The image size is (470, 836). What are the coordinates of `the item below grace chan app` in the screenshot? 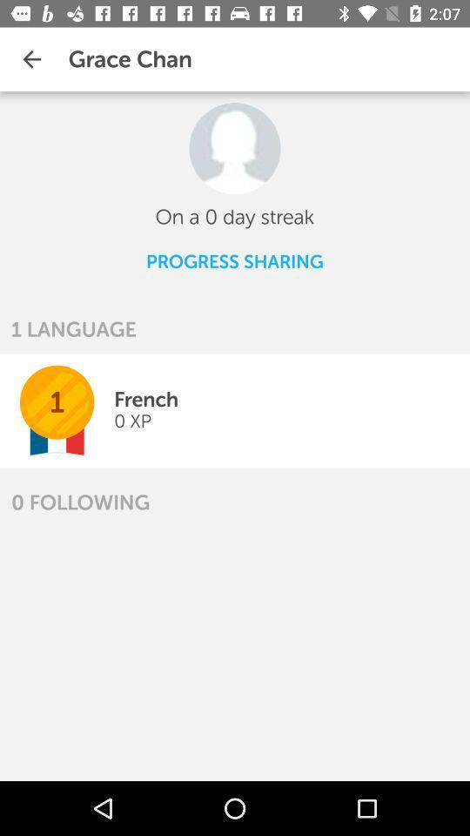 It's located at (235, 147).